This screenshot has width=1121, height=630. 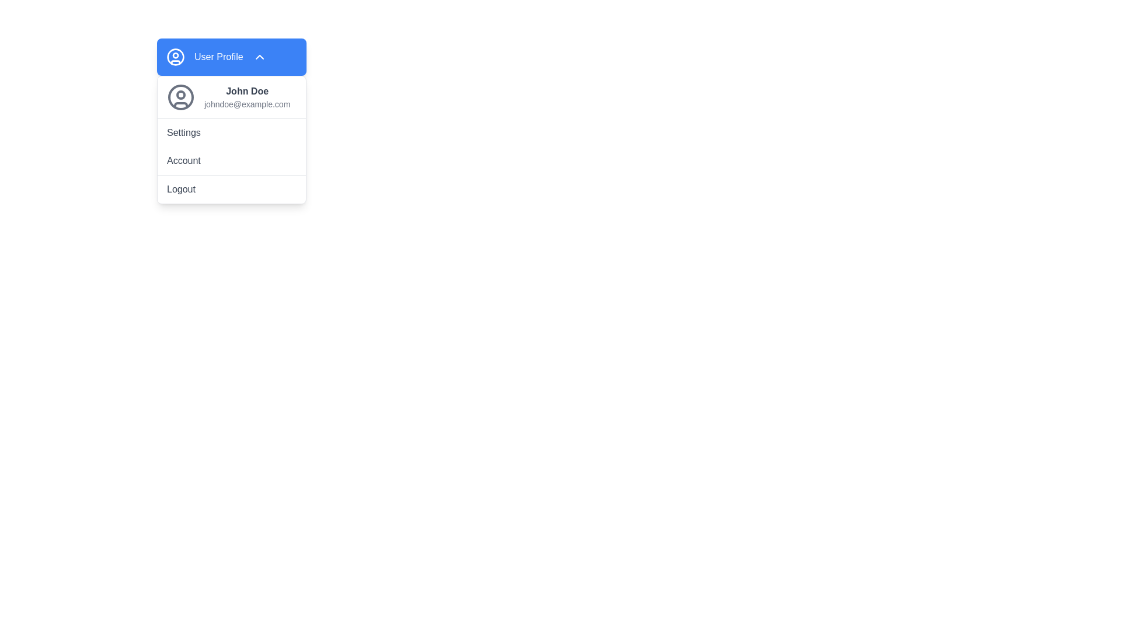 What do you see at coordinates (246, 103) in the screenshot?
I see `the static text element displaying the email address 'johndoe@example.com' within the dropdown menu under the 'User Profile' header` at bounding box center [246, 103].